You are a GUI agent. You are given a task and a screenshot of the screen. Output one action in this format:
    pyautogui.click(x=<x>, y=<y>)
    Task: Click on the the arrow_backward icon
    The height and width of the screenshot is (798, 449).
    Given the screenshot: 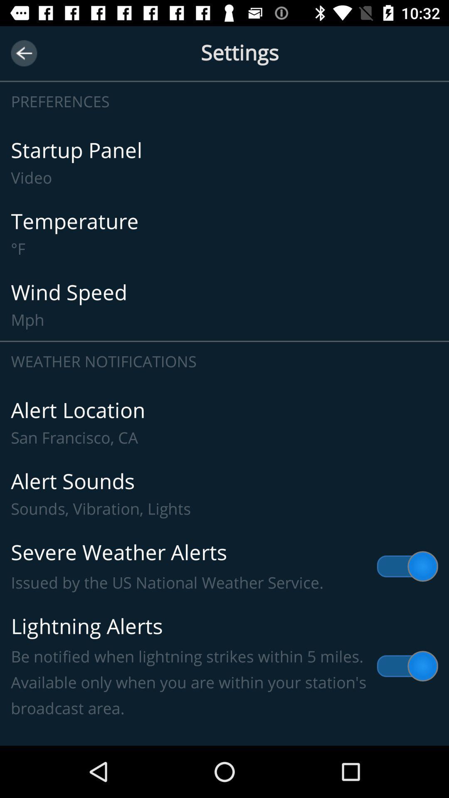 What is the action you would take?
    pyautogui.click(x=23, y=53)
    